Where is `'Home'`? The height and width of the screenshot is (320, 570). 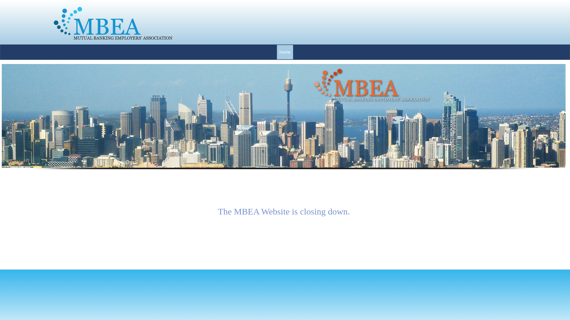
'Home' is located at coordinates (284, 52).